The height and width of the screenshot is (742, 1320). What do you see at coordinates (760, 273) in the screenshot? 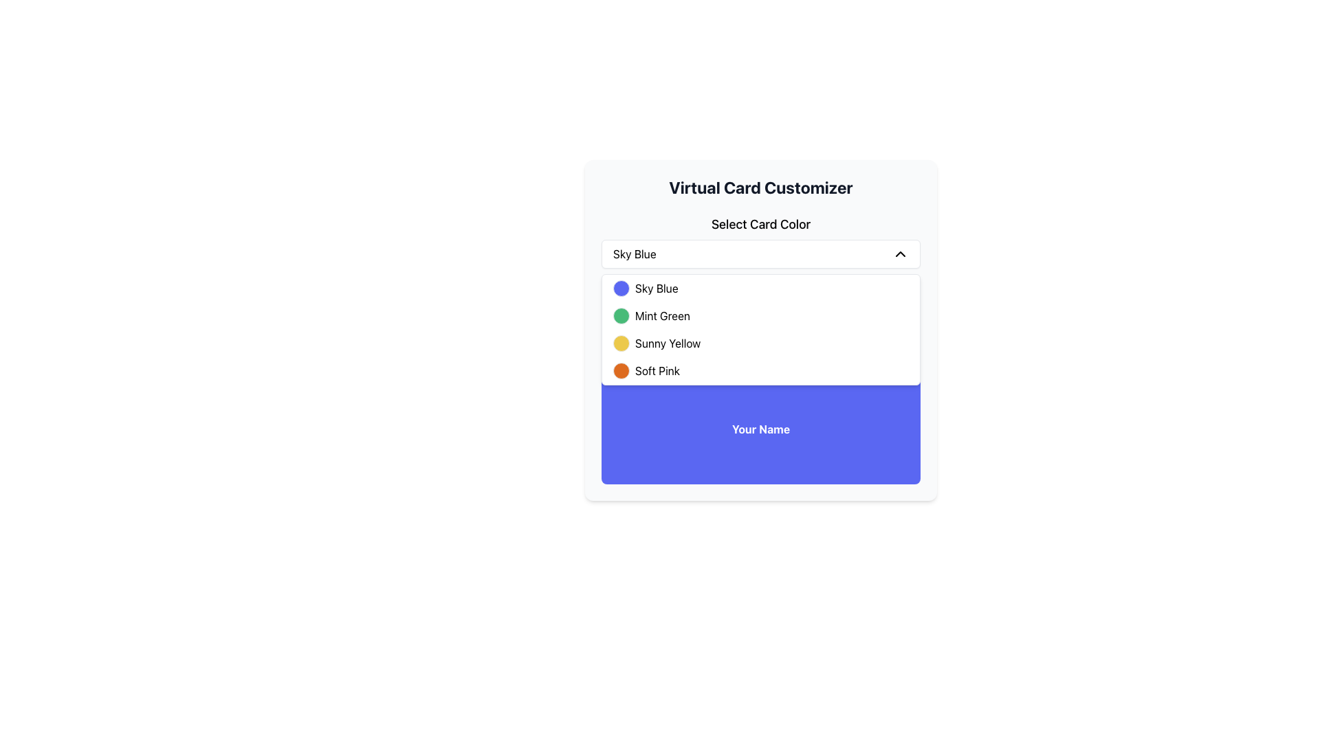
I see `the dropdown menu for selecting a card color in the 'Virtual Card Customizer' interface` at bounding box center [760, 273].